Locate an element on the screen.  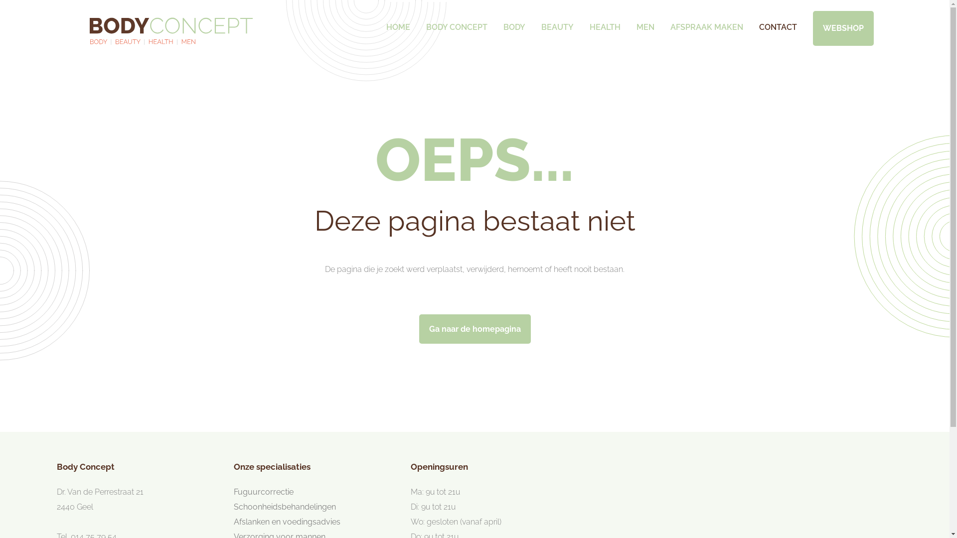
'Schoonheidsbehandelingen' is located at coordinates (284, 507).